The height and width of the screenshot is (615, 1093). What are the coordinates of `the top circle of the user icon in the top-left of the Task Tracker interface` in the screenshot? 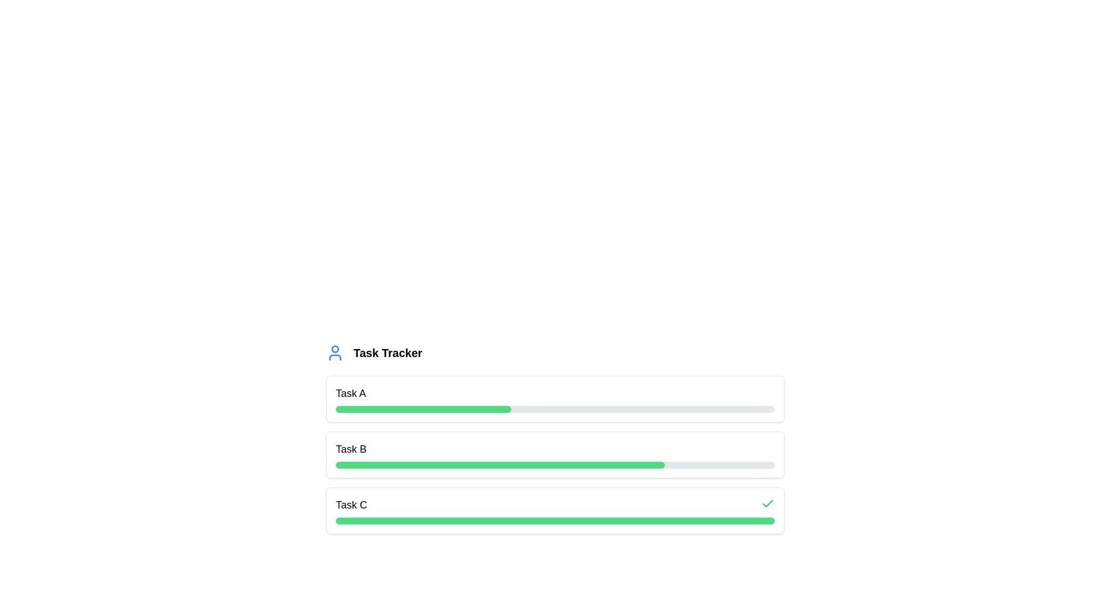 It's located at (335, 348).